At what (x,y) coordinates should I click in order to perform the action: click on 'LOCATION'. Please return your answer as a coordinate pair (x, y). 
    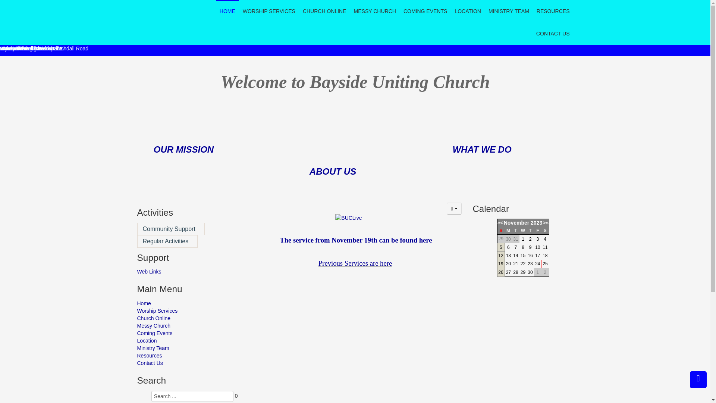
    Looking at the image, I should click on (467, 11).